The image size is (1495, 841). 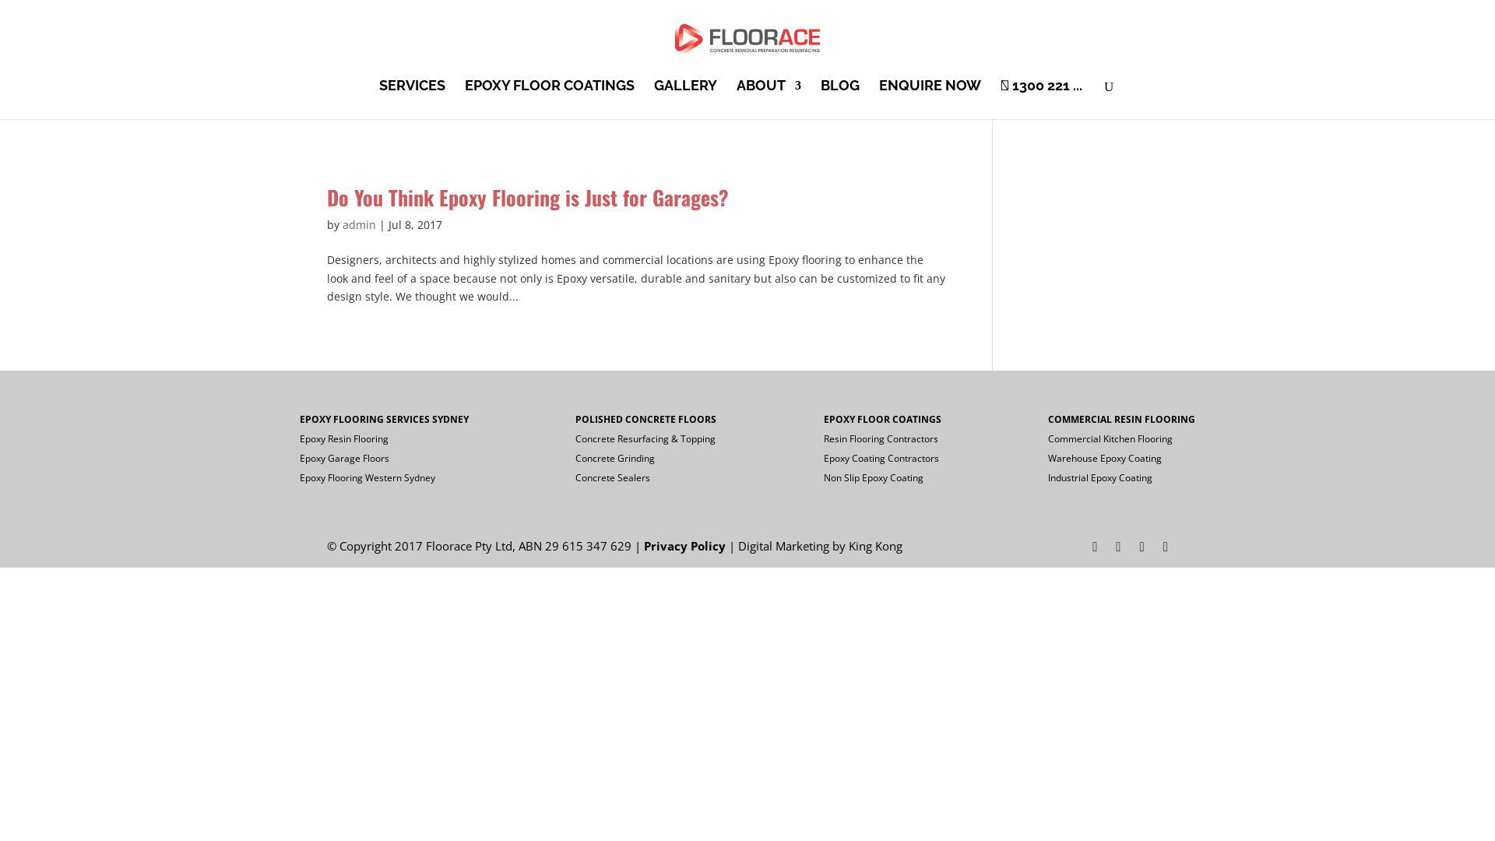 I want to click on 'ENQUIRE NOW', so click(x=930, y=99).